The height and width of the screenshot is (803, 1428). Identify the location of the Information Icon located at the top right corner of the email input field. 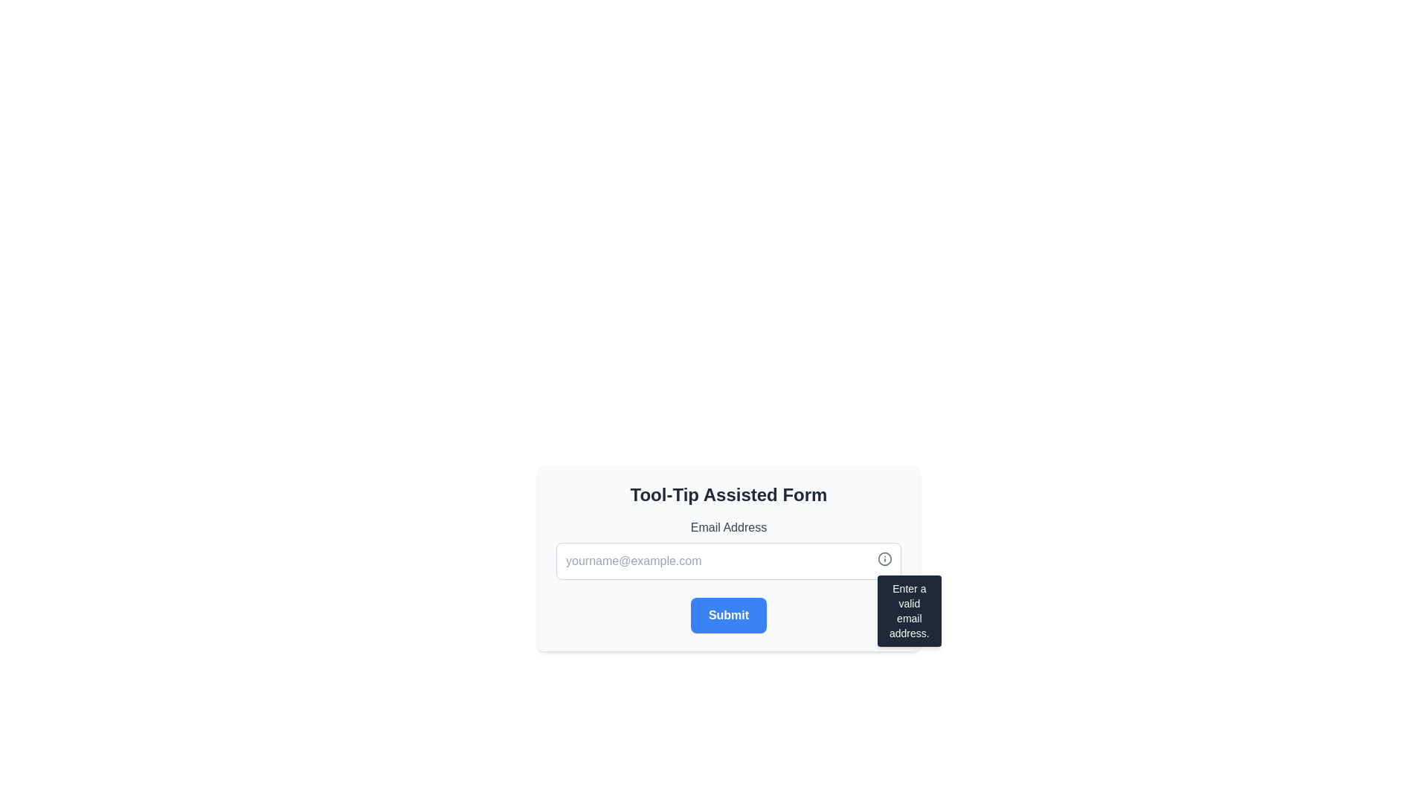
(885, 559).